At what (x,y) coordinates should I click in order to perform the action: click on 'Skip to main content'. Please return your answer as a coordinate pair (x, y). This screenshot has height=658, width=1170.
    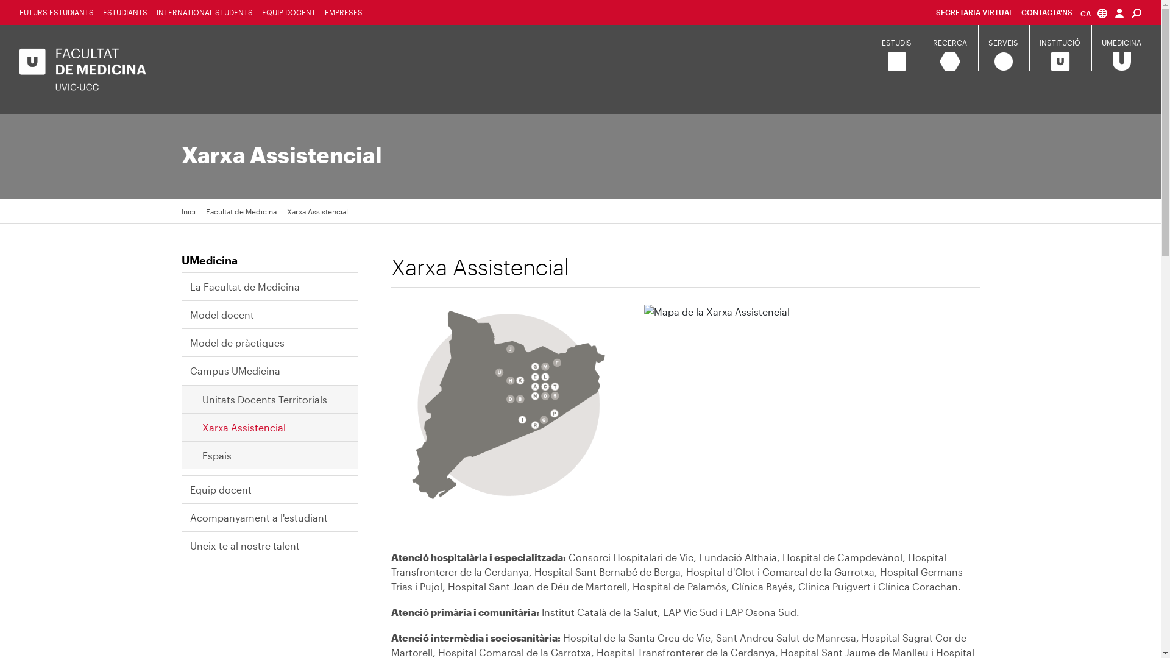
    Looking at the image, I should click on (0, 0).